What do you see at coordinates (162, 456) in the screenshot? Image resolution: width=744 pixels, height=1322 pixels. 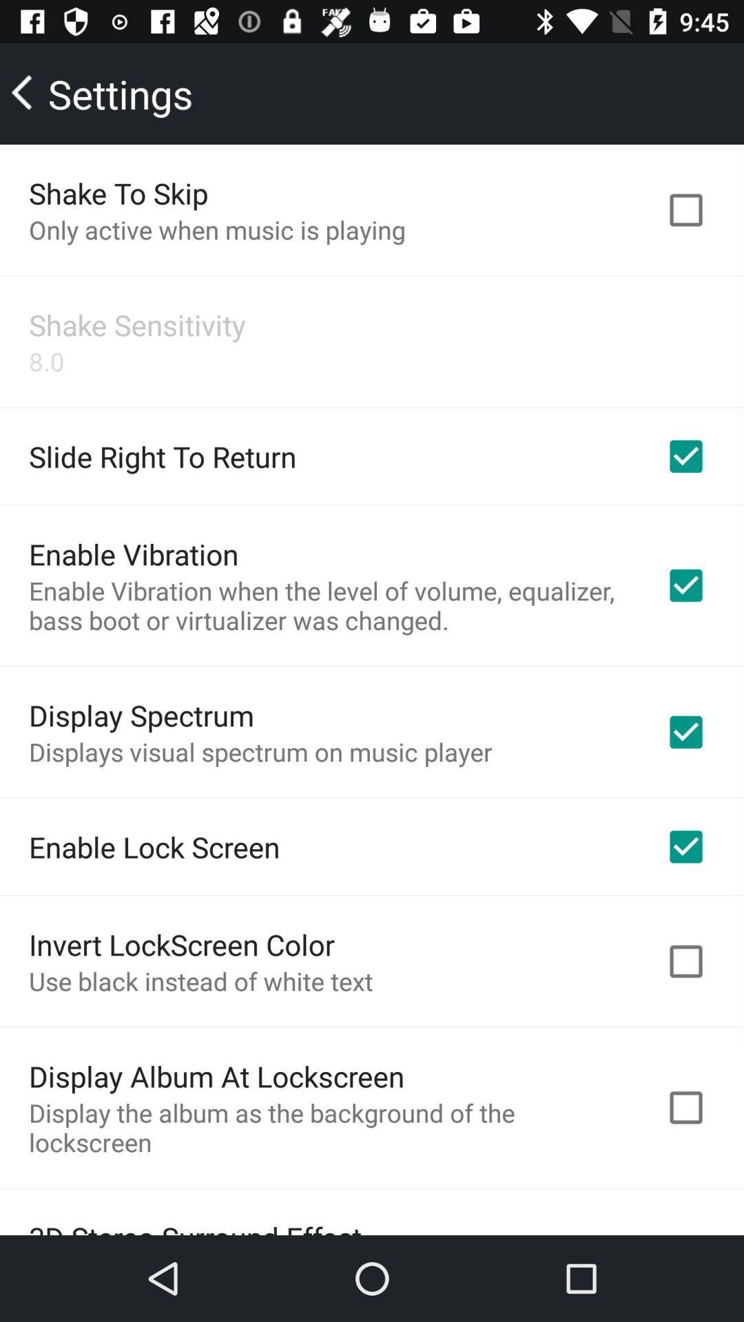 I see `the slide right to app` at bounding box center [162, 456].